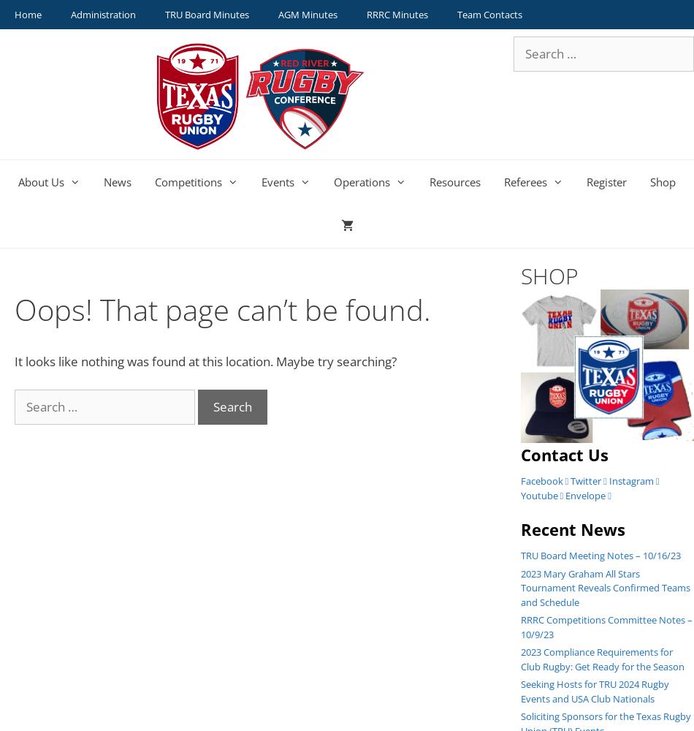 The height and width of the screenshot is (731, 694). What do you see at coordinates (601, 659) in the screenshot?
I see `'2023 Compliance Requirements for Club Rugby: Get Ready for the Season'` at bounding box center [601, 659].